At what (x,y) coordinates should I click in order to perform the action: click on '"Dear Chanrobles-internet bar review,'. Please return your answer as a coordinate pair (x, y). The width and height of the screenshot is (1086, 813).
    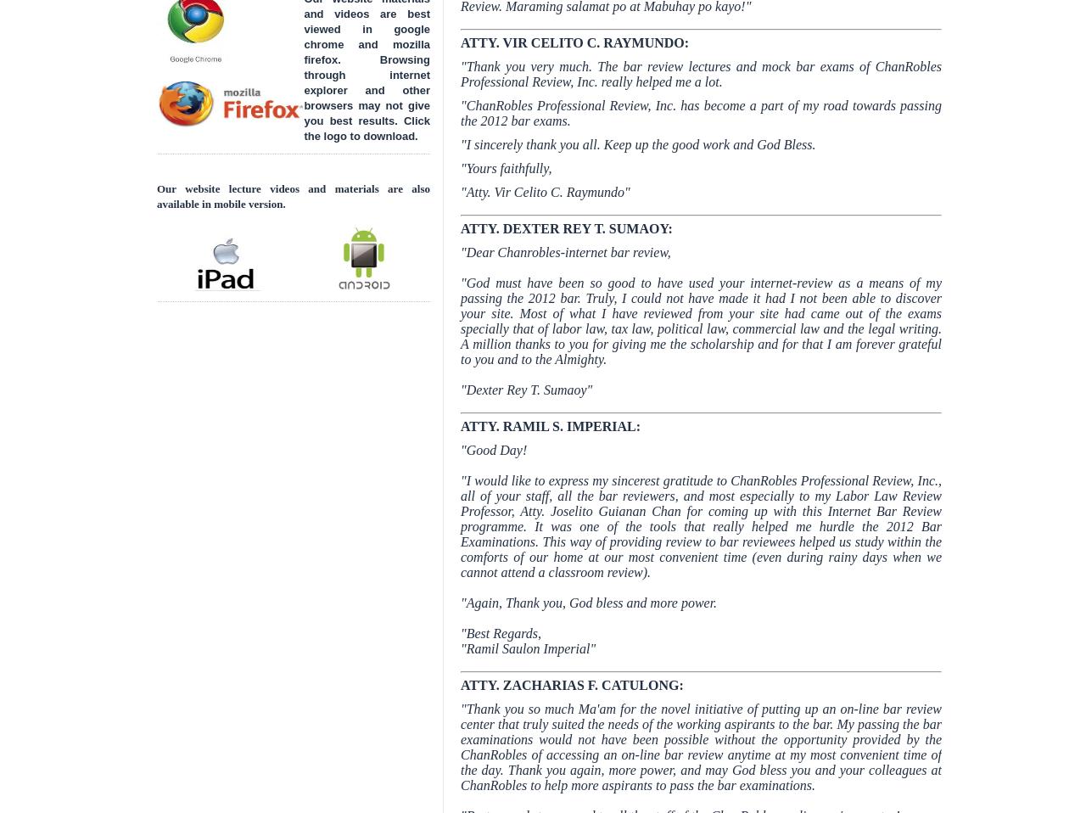
    Looking at the image, I should click on (565, 252).